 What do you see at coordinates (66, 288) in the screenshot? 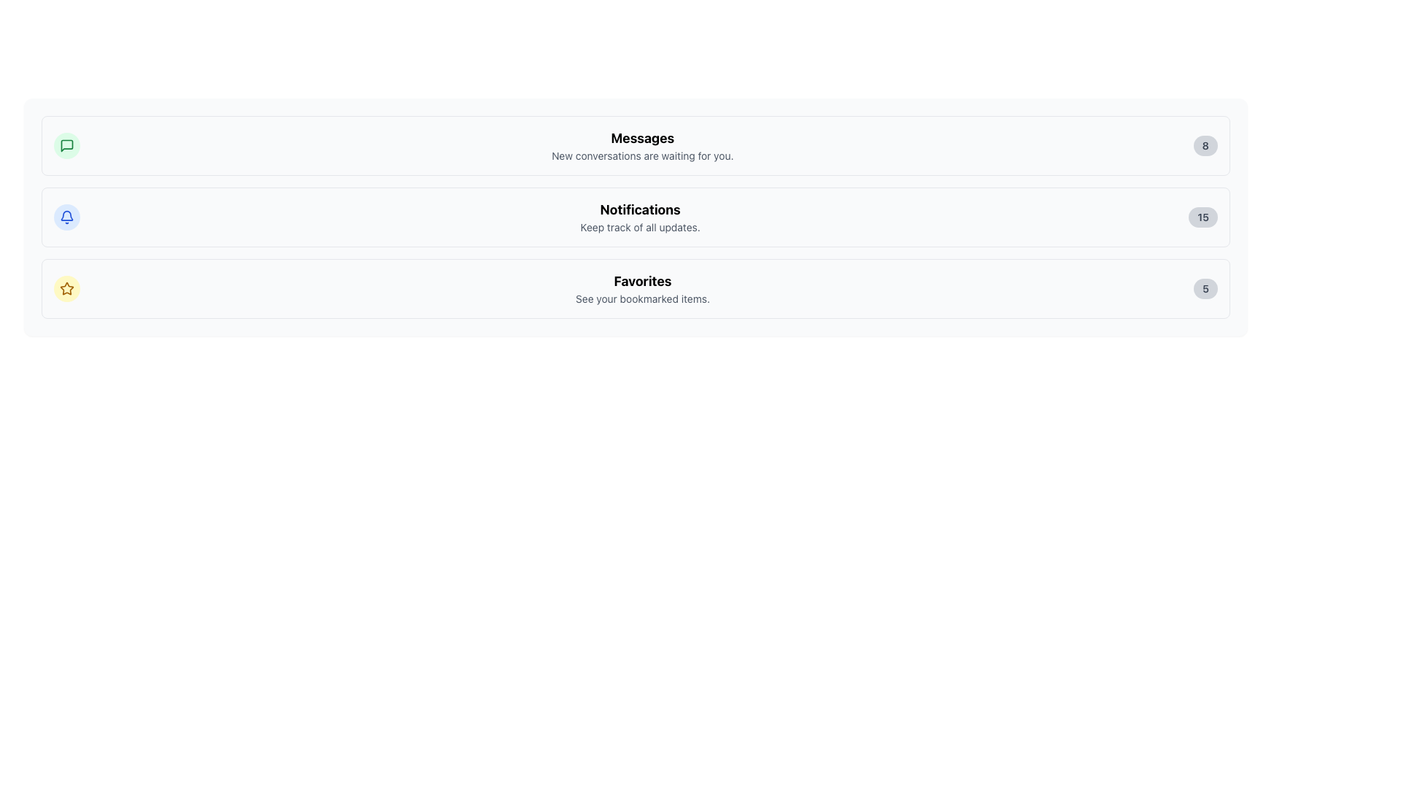
I see `the third icon in the vertical sequence located in the 'Favorites' section, which symbolizes favorited or bookmarked items` at bounding box center [66, 288].